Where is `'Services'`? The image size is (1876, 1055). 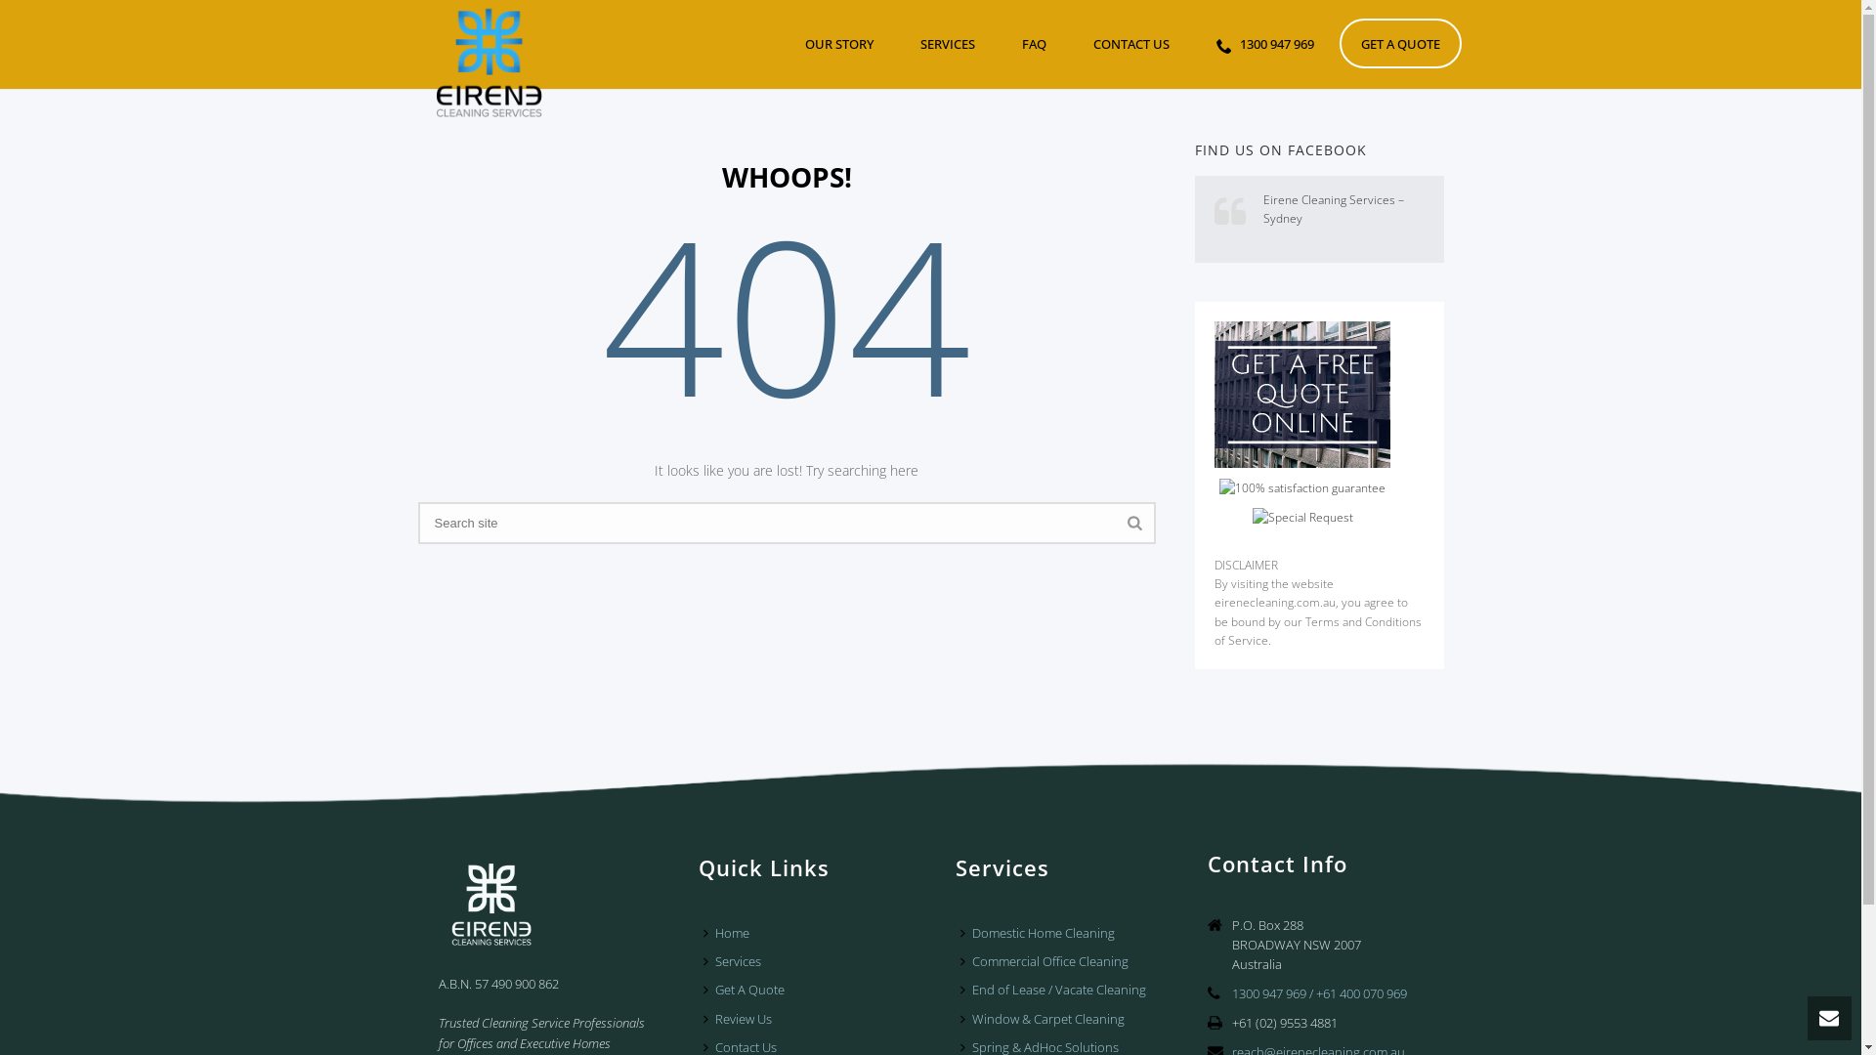 'Services' is located at coordinates (736, 960).